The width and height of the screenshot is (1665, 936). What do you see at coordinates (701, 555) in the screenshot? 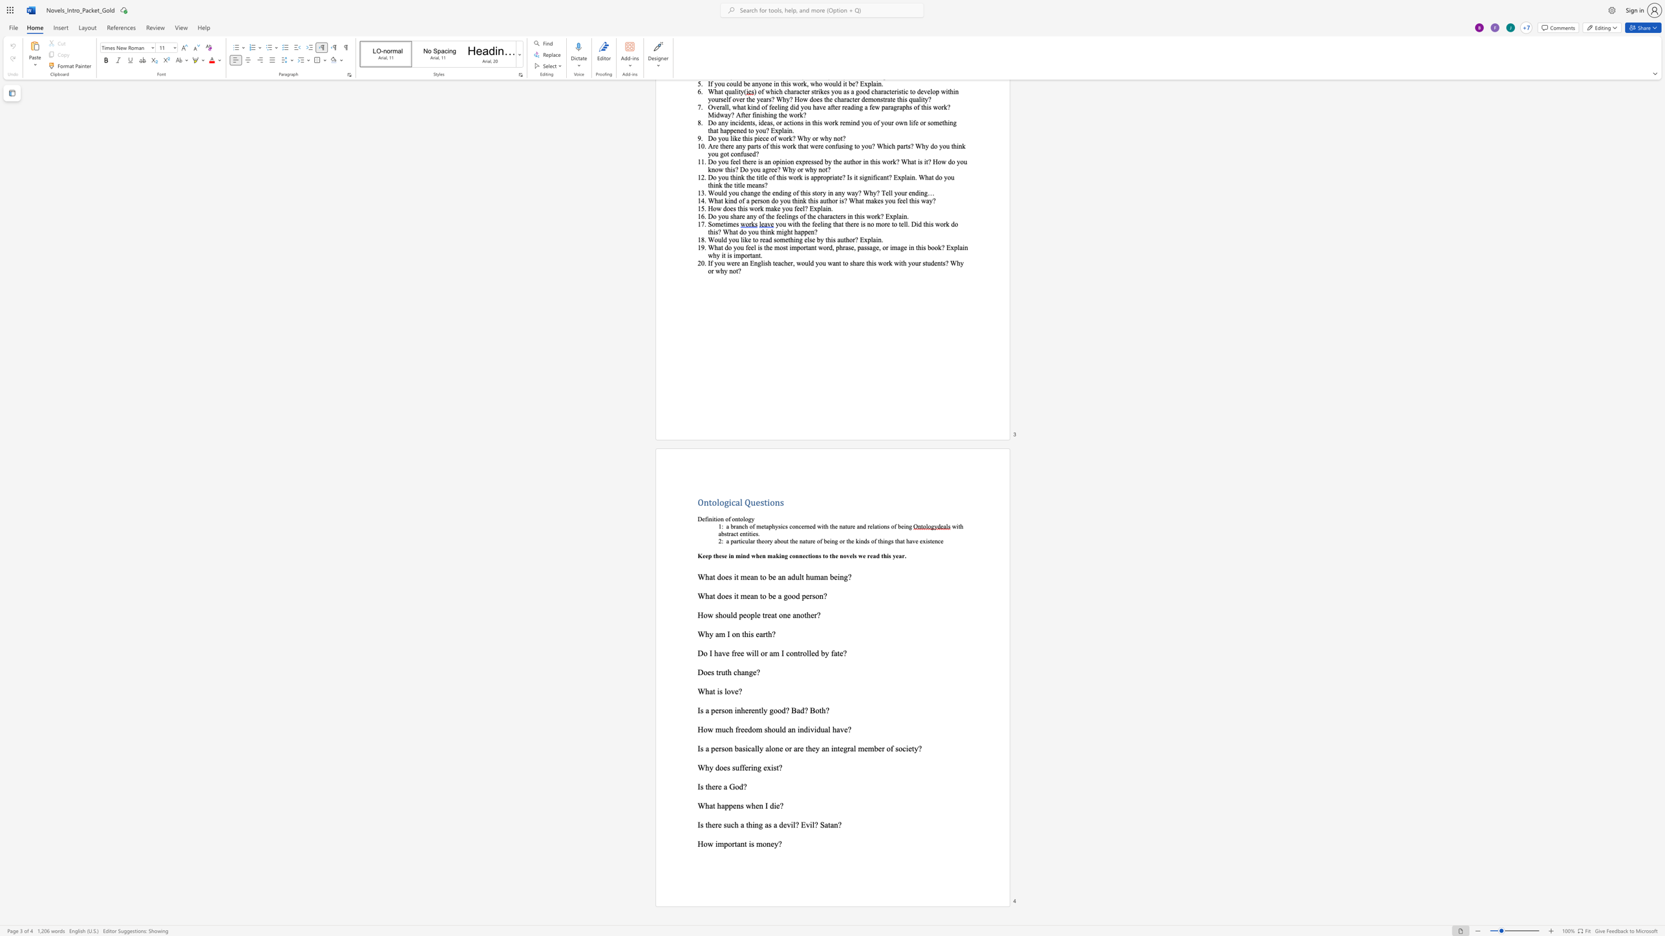
I see `the space between the continuous character "K" and "e" in the text` at bounding box center [701, 555].